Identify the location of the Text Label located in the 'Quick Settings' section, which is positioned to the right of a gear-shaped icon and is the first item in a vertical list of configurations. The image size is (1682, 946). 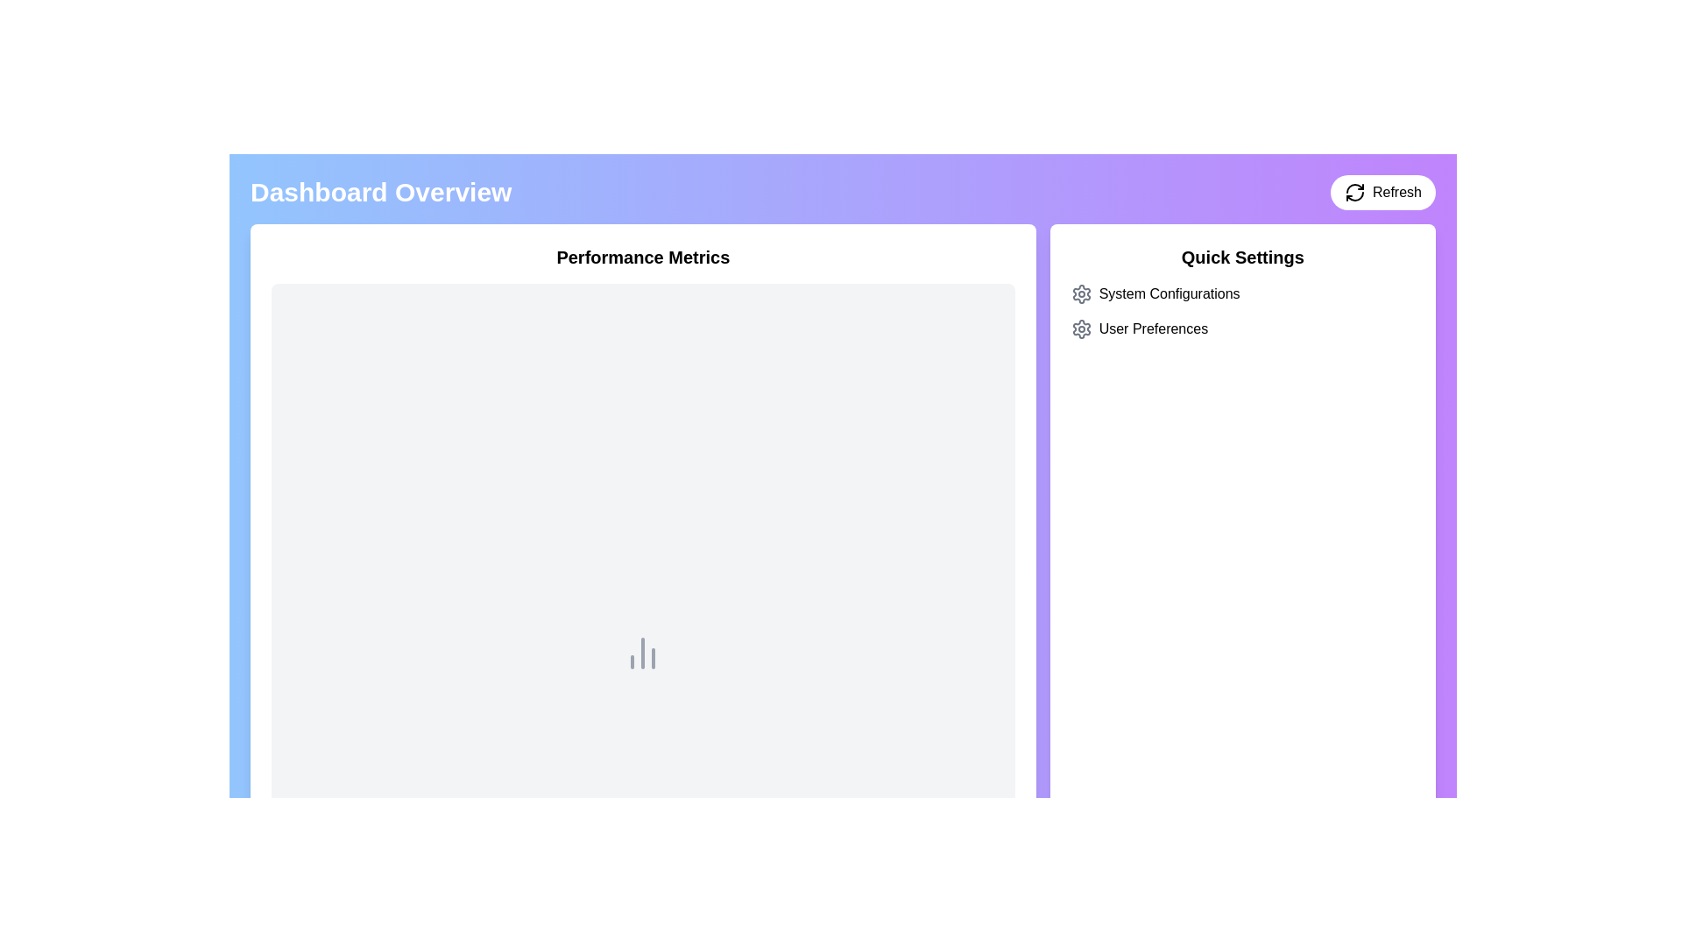
(1170, 293).